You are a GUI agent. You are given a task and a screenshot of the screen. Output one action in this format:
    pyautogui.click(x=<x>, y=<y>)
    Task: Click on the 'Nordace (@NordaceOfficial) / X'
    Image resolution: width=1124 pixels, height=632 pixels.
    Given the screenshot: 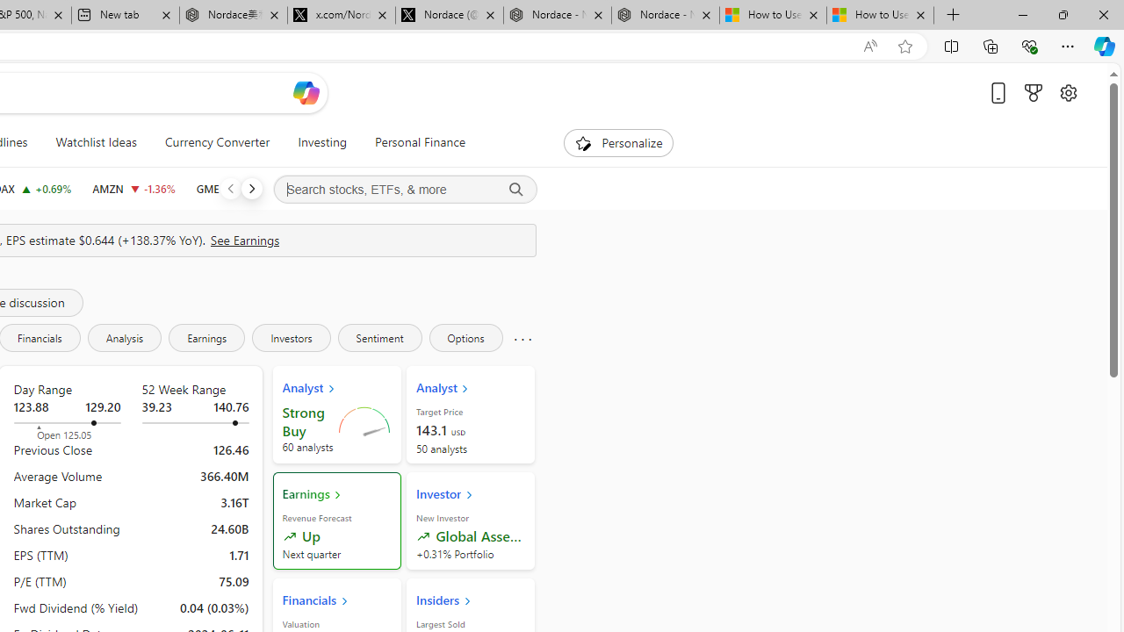 What is the action you would take?
    pyautogui.click(x=450, y=15)
    